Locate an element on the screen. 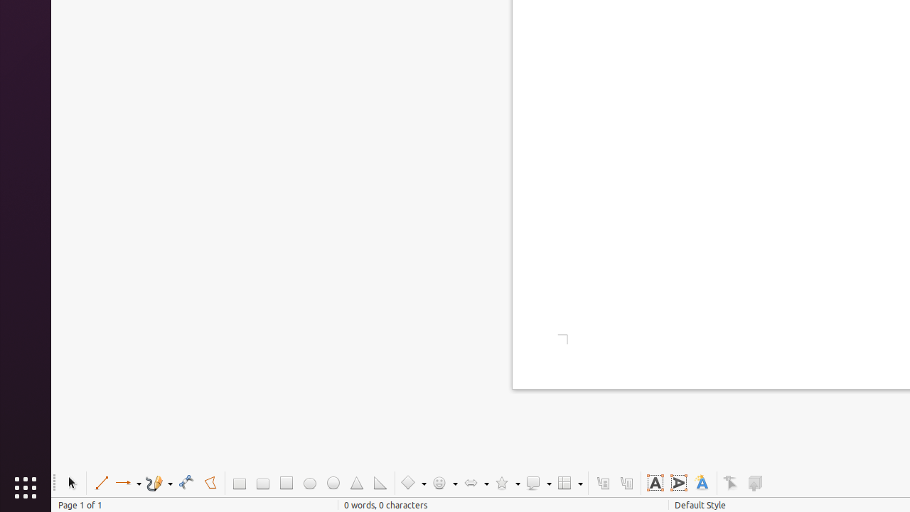  'Isosceles Triangle' is located at coordinates (356, 482).